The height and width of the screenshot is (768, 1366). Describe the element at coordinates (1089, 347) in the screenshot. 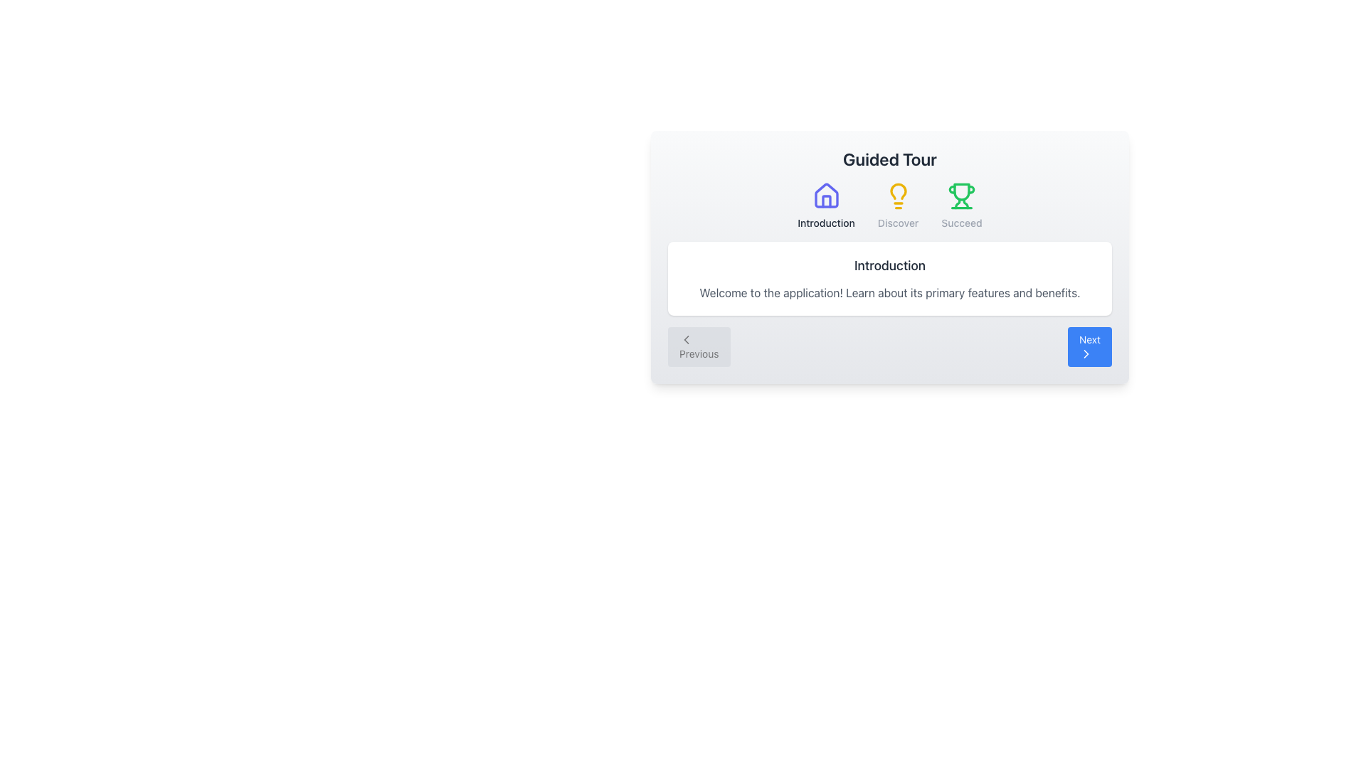

I see `the 'Next' button located in the lower-right corner of the navigation controls to proceed to the next step` at that location.